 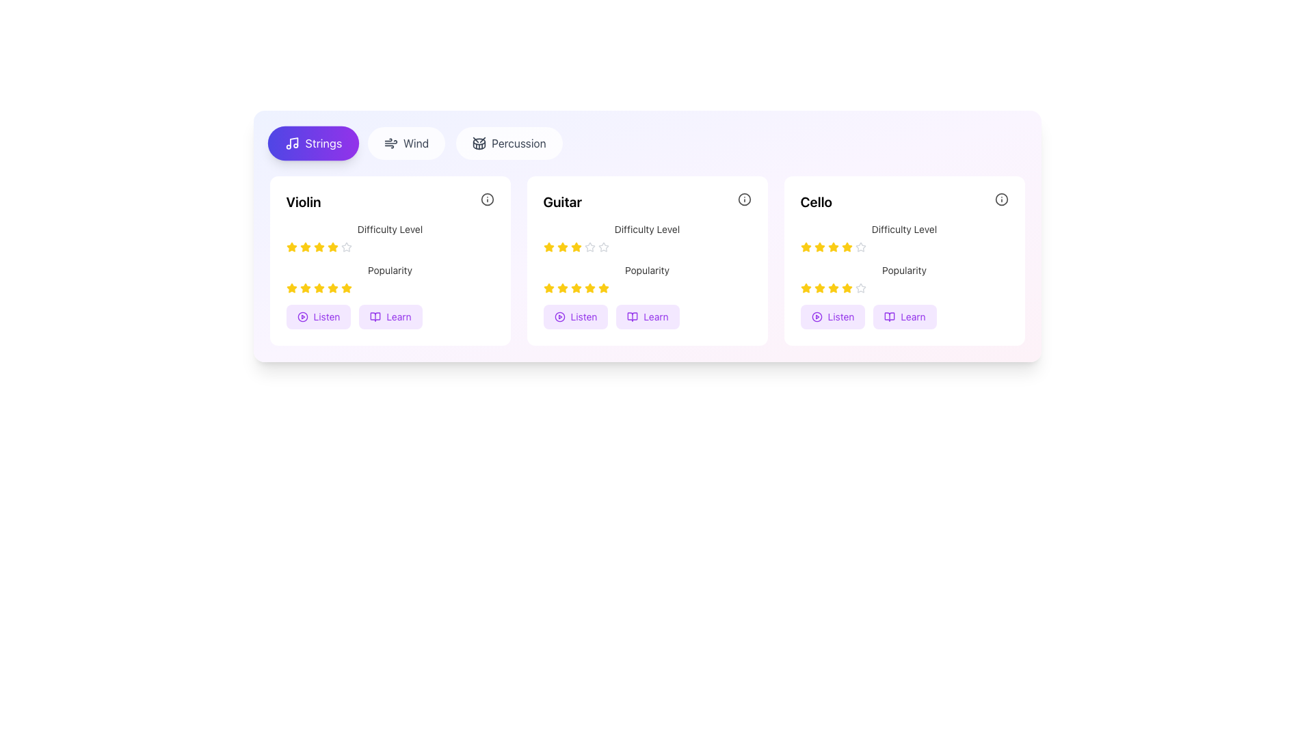 What do you see at coordinates (487, 200) in the screenshot?
I see `the circular SVG element located in the top-right corner of the Guitar card, which is part of an informational icon` at bounding box center [487, 200].